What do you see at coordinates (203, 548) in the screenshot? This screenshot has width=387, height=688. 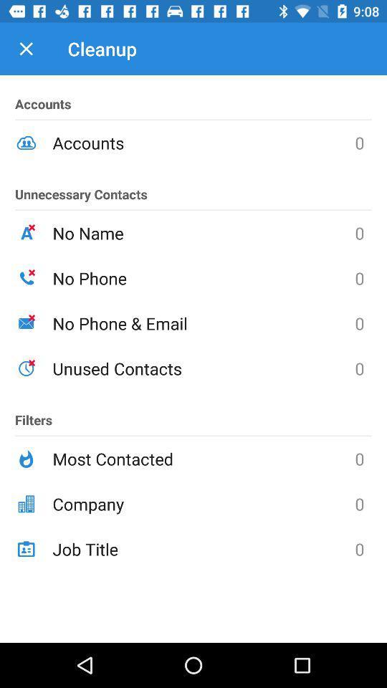 I see `the item to the left of 0 item` at bounding box center [203, 548].